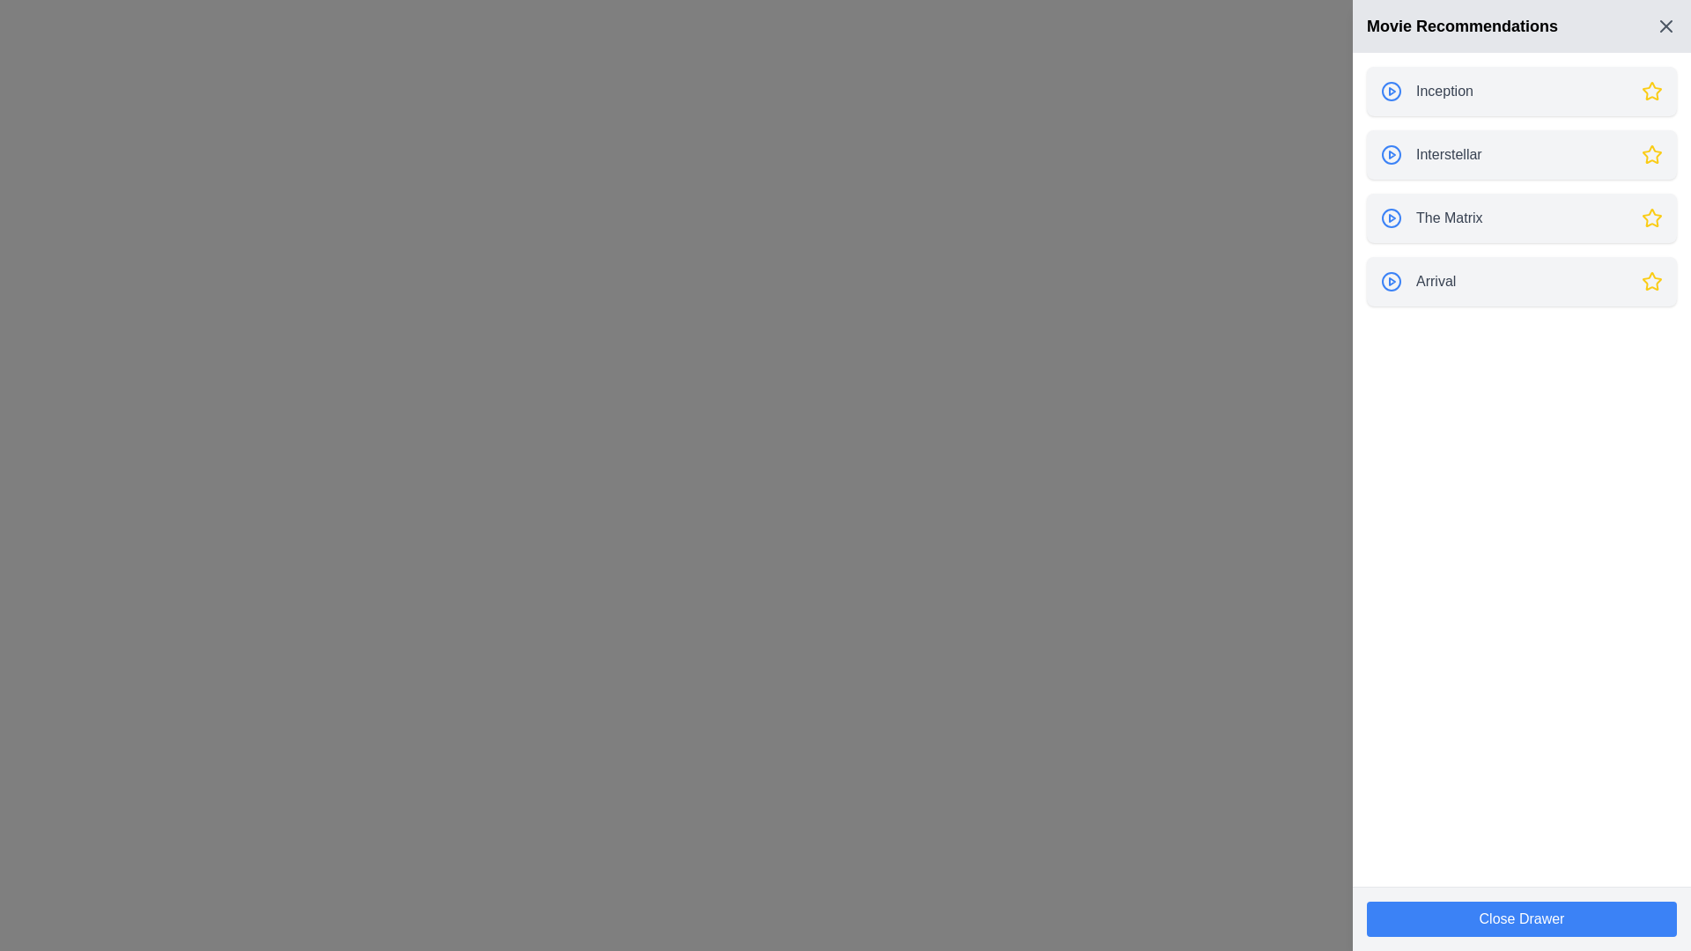 The height and width of the screenshot is (951, 1691). What do you see at coordinates (1390, 92) in the screenshot?
I see `the circular outline within the play button styled as an SVG icon, which is part of the first list item in the 'Movie Recommendations' section, located before the text 'Inception'` at bounding box center [1390, 92].